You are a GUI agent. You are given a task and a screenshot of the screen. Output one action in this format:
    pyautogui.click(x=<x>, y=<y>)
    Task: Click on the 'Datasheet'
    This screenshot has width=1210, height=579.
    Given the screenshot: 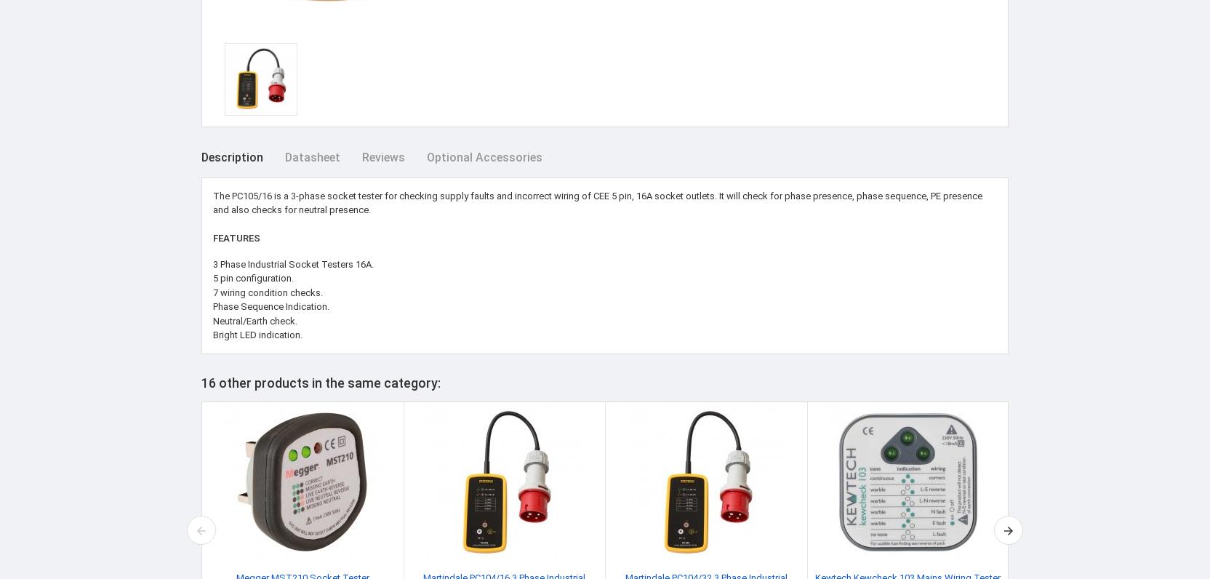 What is the action you would take?
    pyautogui.click(x=311, y=156)
    